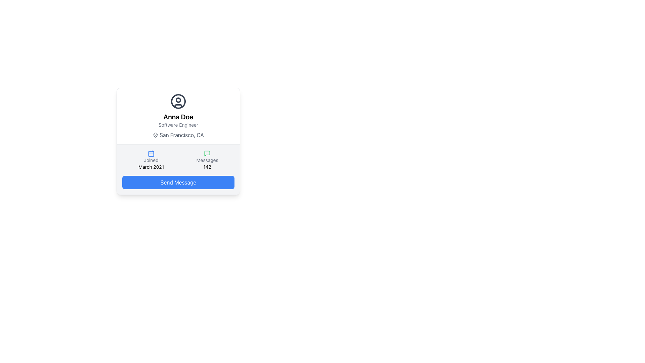 The height and width of the screenshot is (363, 645). What do you see at coordinates (151, 153) in the screenshot?
I see `the visual indicator icon located to the left of the text 'Joined' in the 'Joined March 2021' section of the profile card` at bounding box center [151, 153].